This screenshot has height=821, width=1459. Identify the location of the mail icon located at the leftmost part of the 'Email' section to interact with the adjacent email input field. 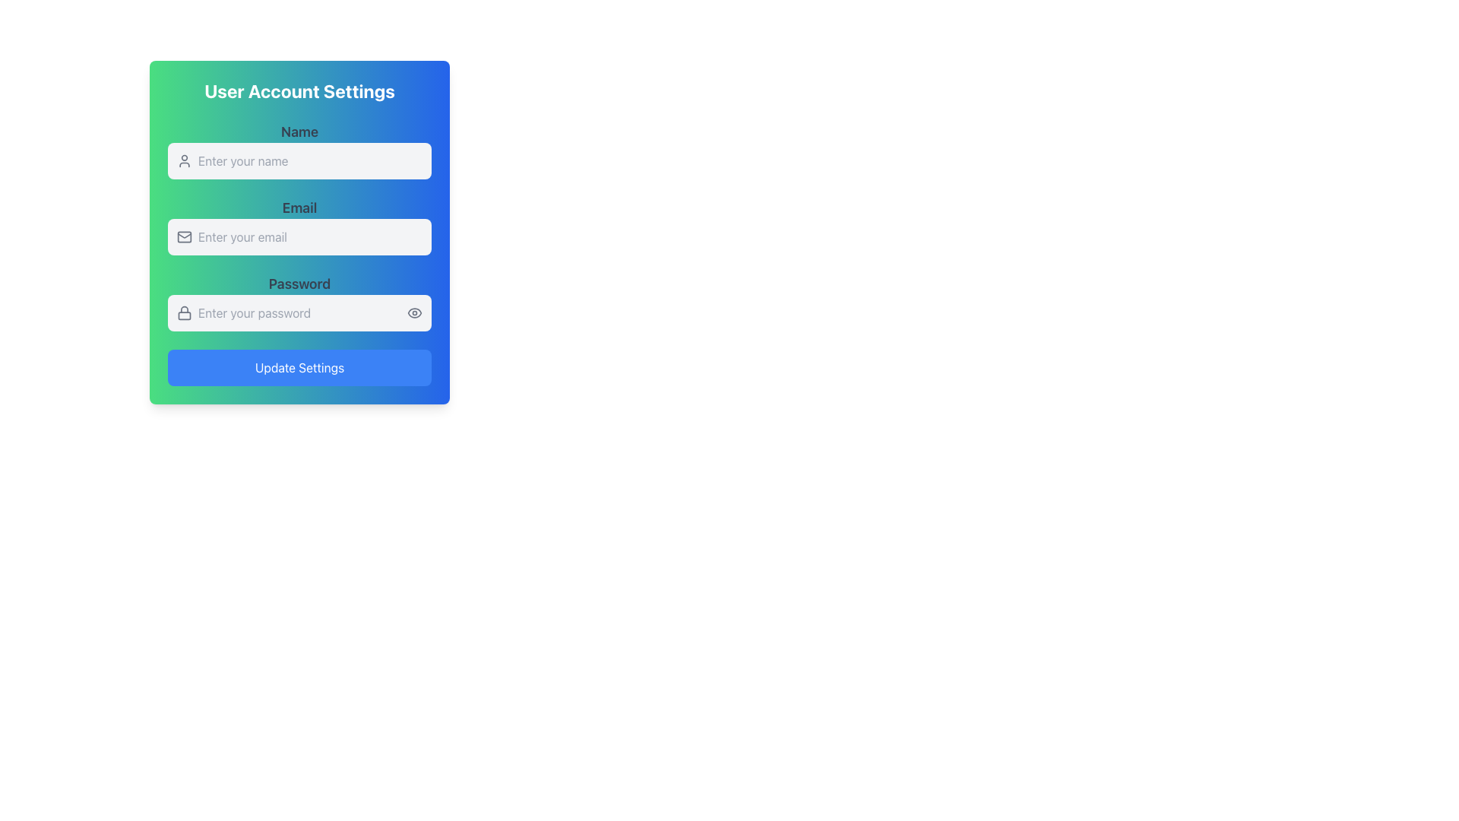
(184, 237).